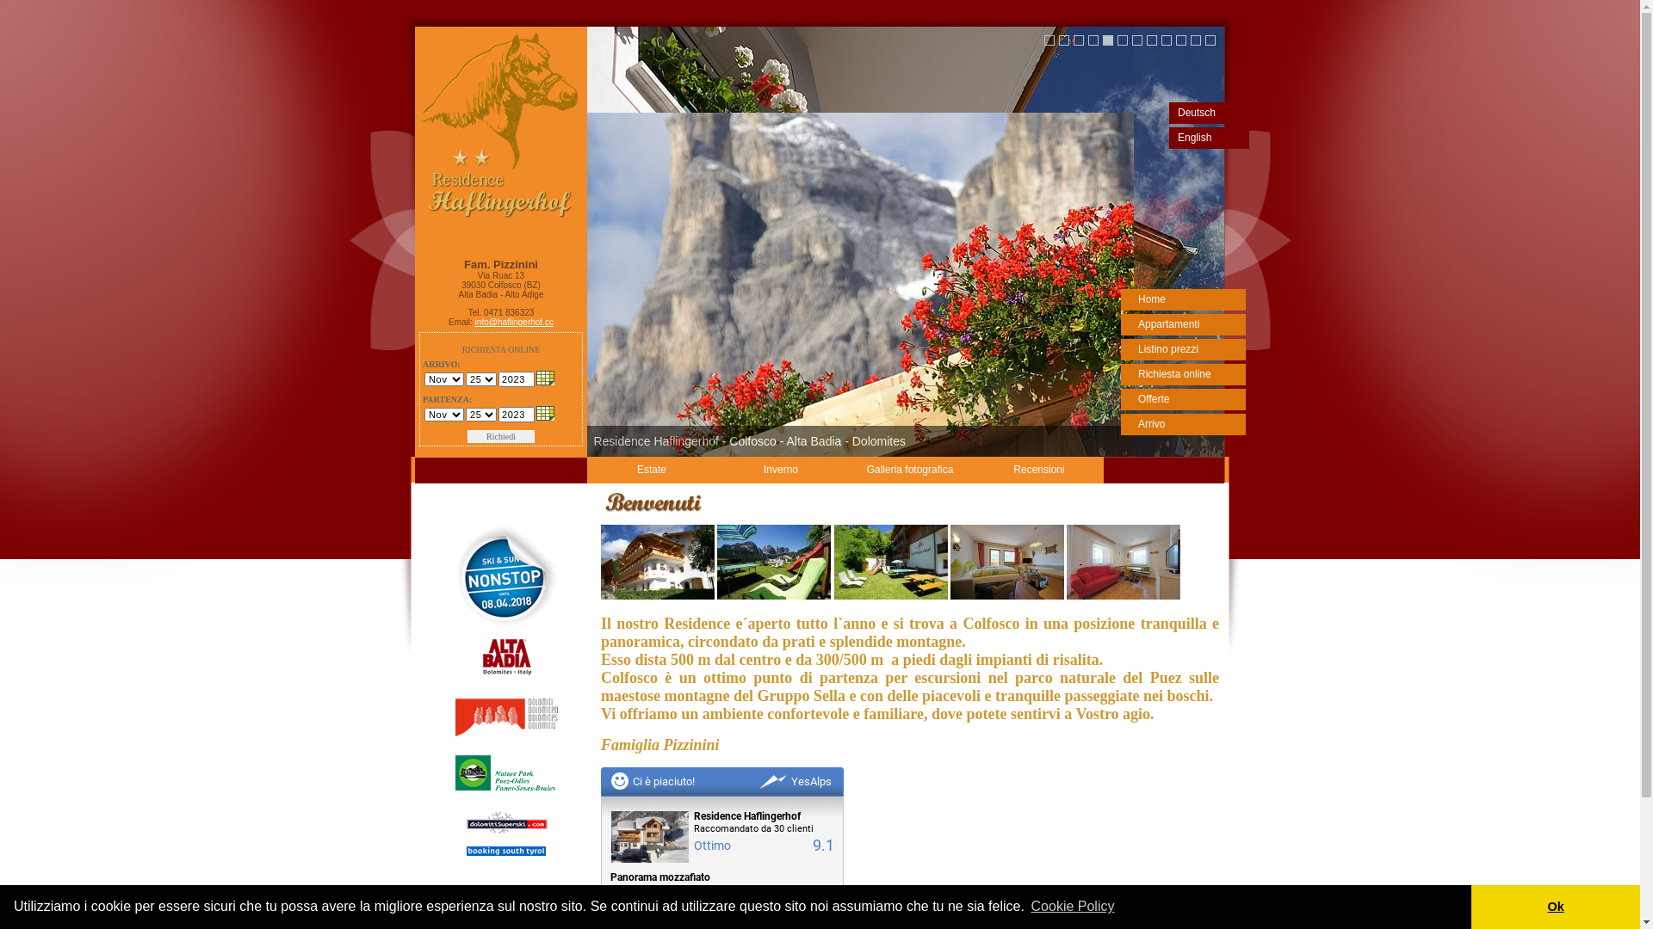 The width and height of the screenshot is (1653, 929). What do you see at coordinates (544, 413) in the screenshot?
I see `'Calendar'` at bounding box center [544, 413].